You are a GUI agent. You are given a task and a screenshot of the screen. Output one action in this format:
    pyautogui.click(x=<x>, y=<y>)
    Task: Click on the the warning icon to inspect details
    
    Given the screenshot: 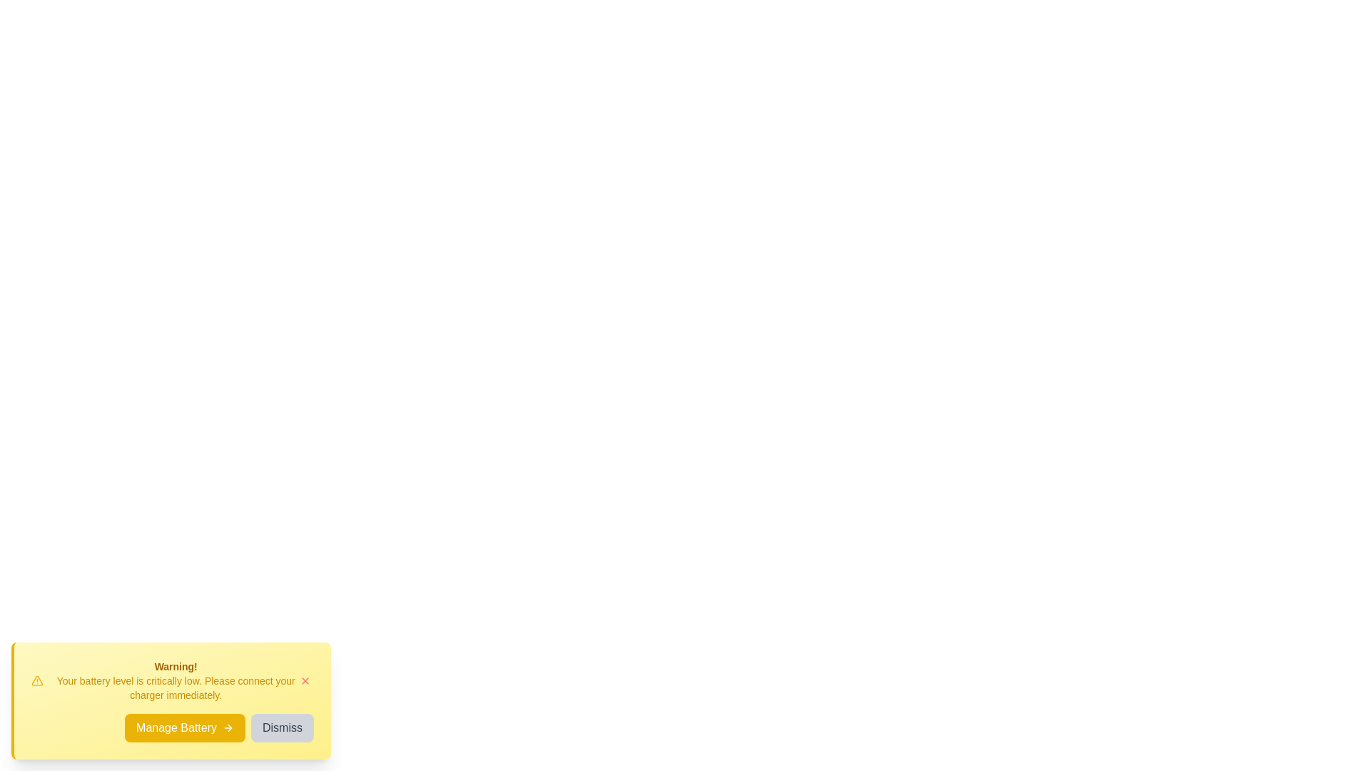 What is the action you would take?
    pyautogui.click(x=37, y=680)
    